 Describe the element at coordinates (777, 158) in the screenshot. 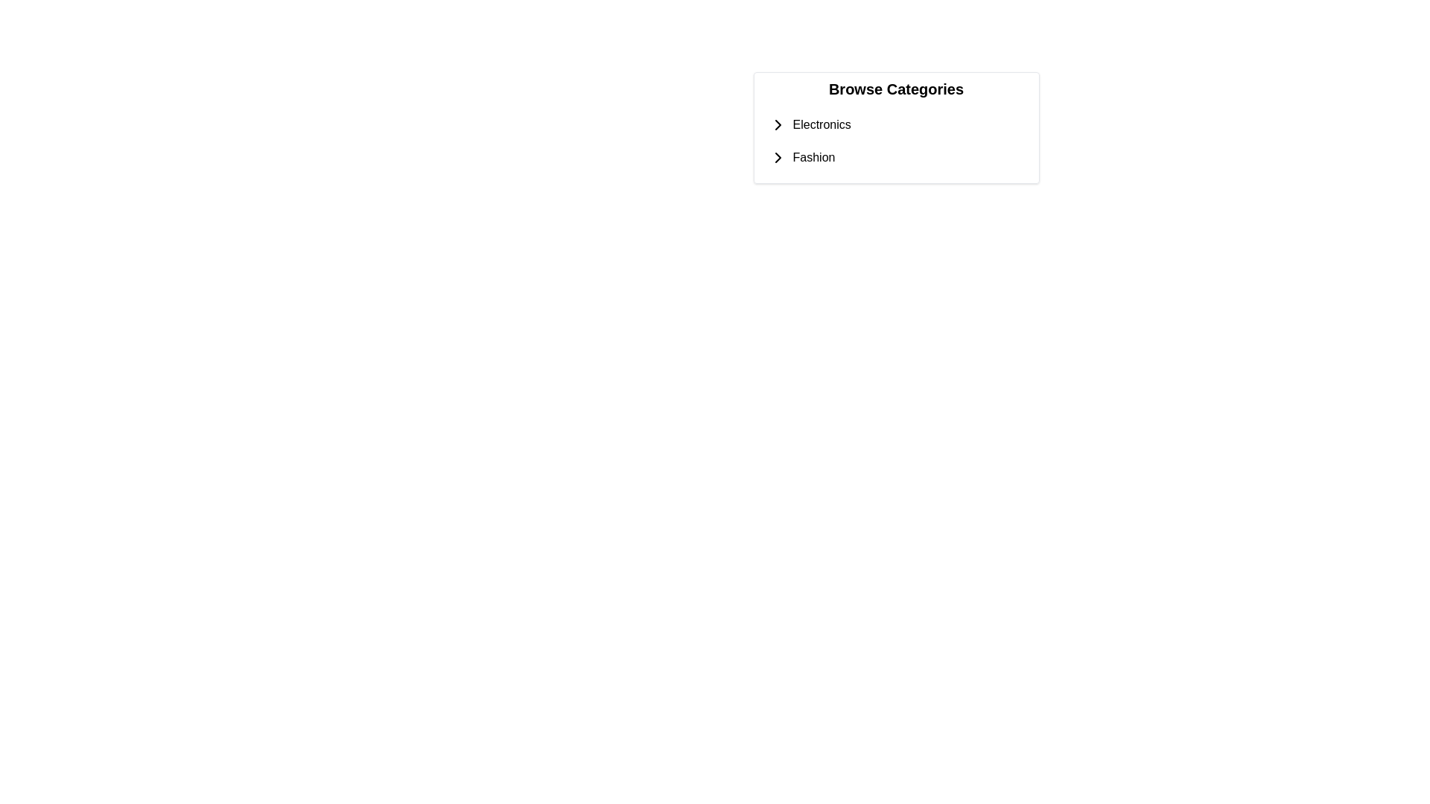

I see `the Arrow Icon located in the 'Fashion' category` at that location.